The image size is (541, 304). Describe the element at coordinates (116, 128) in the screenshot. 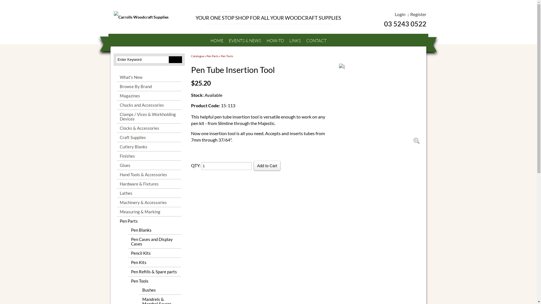

I see `'Clocks & Accessories'` at that location.